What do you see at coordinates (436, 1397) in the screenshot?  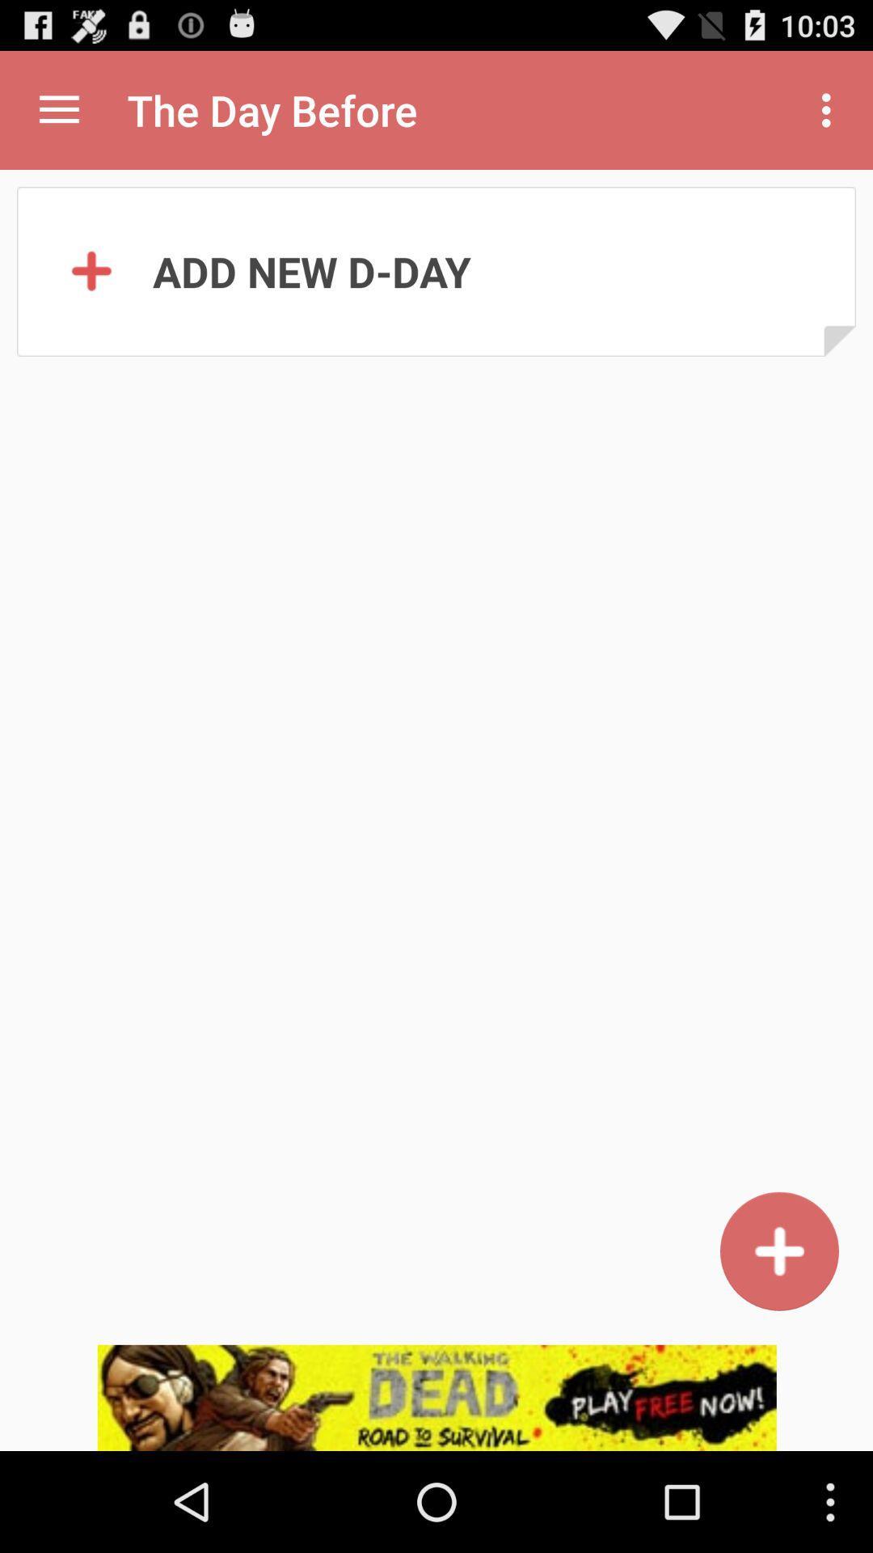 I see `the walking dead road to survival` at bounding box center [436, 1397].